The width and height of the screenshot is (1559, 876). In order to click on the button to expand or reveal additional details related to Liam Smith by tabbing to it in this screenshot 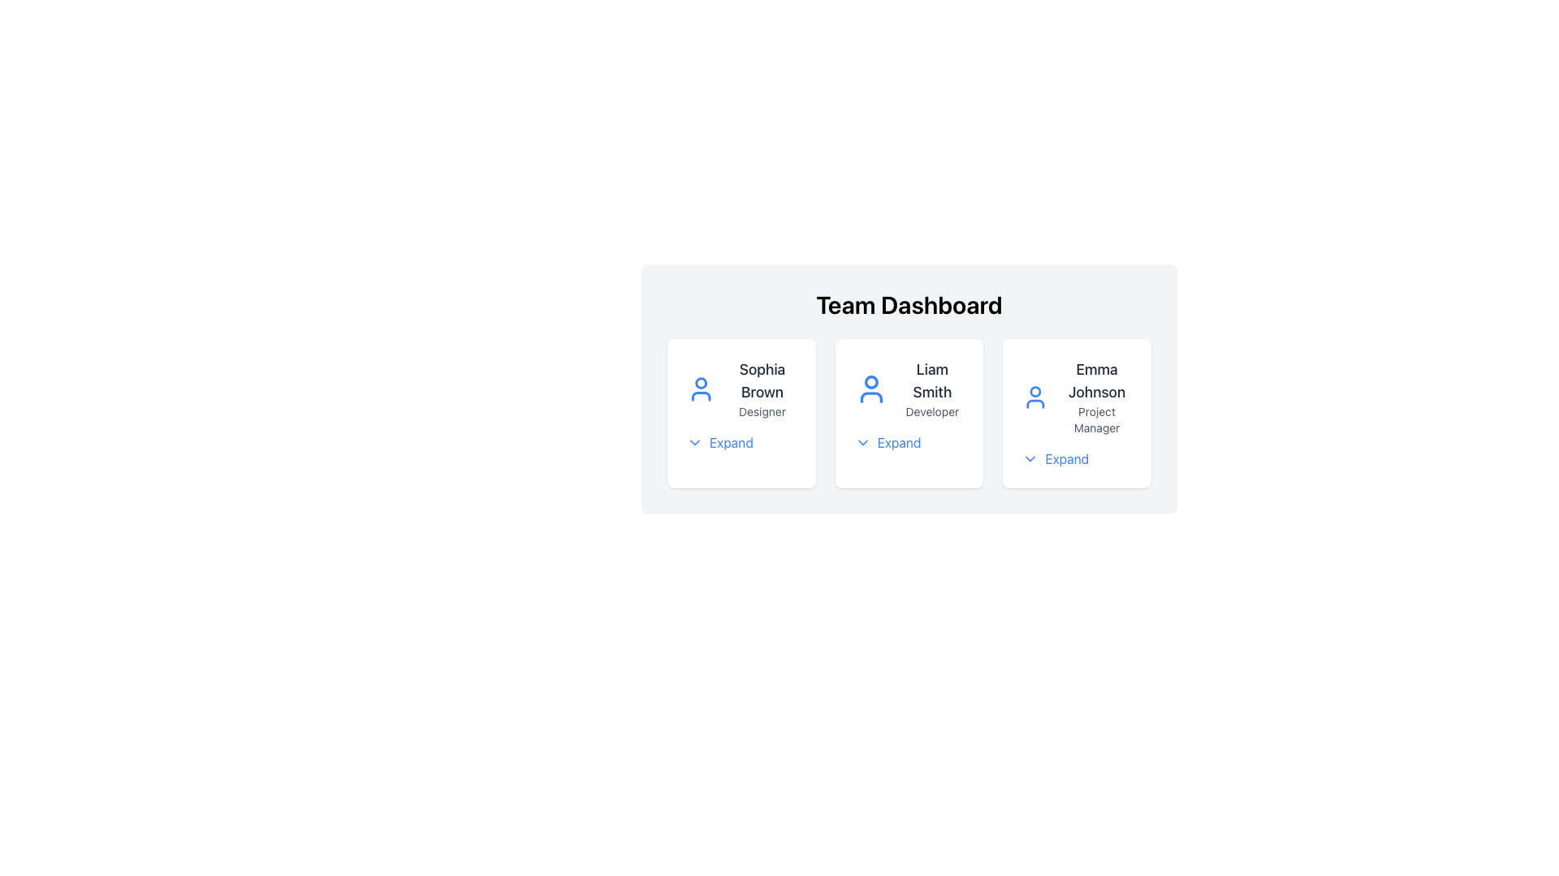, I will do `click(887, 443)`.